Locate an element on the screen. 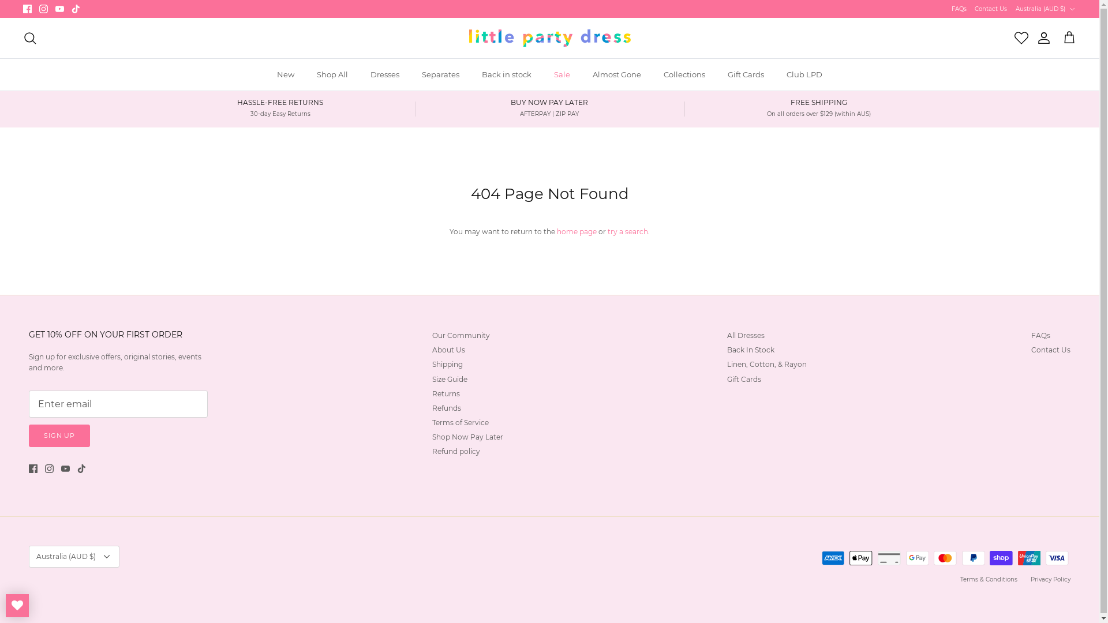  'try a search' is located at coordinates (627, 231).